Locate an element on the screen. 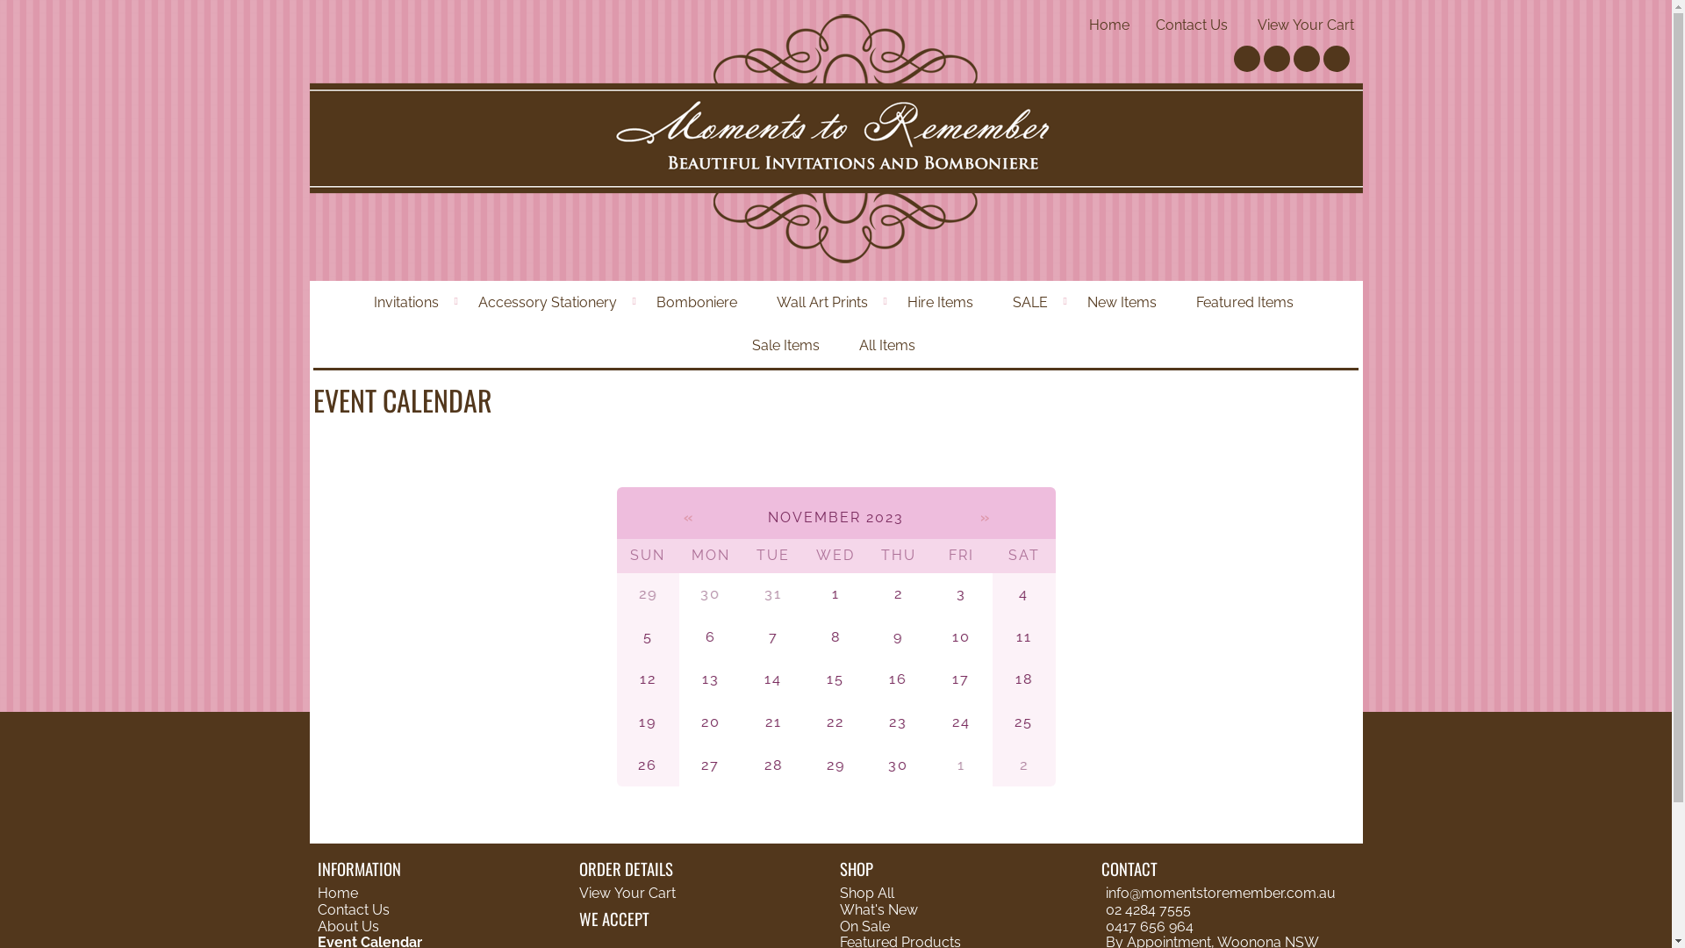  'Wall Art Prints' is located at coordinates (758, 302).